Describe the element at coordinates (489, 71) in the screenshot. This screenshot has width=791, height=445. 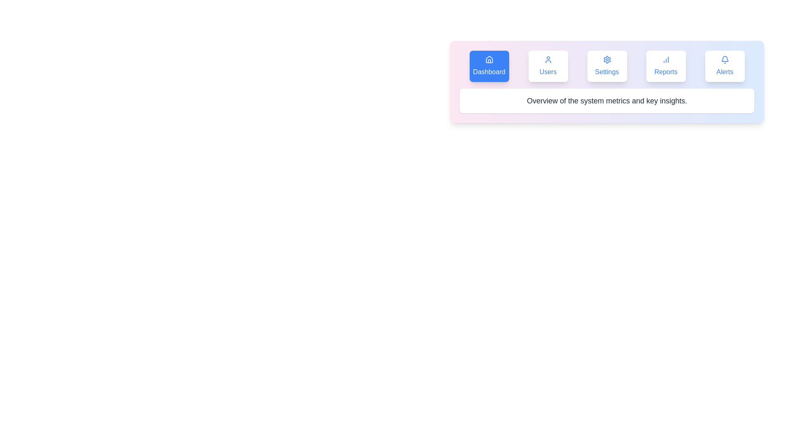
I see `text displayed in the 'Dashboard' text label located within the first button of a horizontal menu of options` at that location.